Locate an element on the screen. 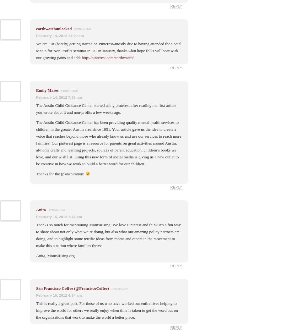  'Emily Mares' is located at coordinates (47, 90).